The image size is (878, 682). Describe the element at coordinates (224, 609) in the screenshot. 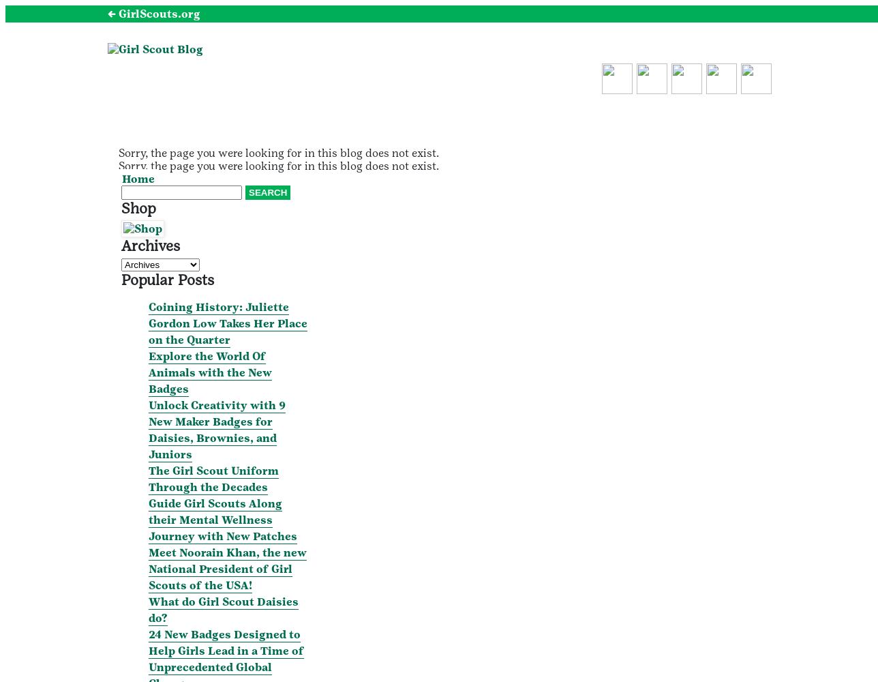

I see `'What do Girl Scout Daisies do?'` at that location.